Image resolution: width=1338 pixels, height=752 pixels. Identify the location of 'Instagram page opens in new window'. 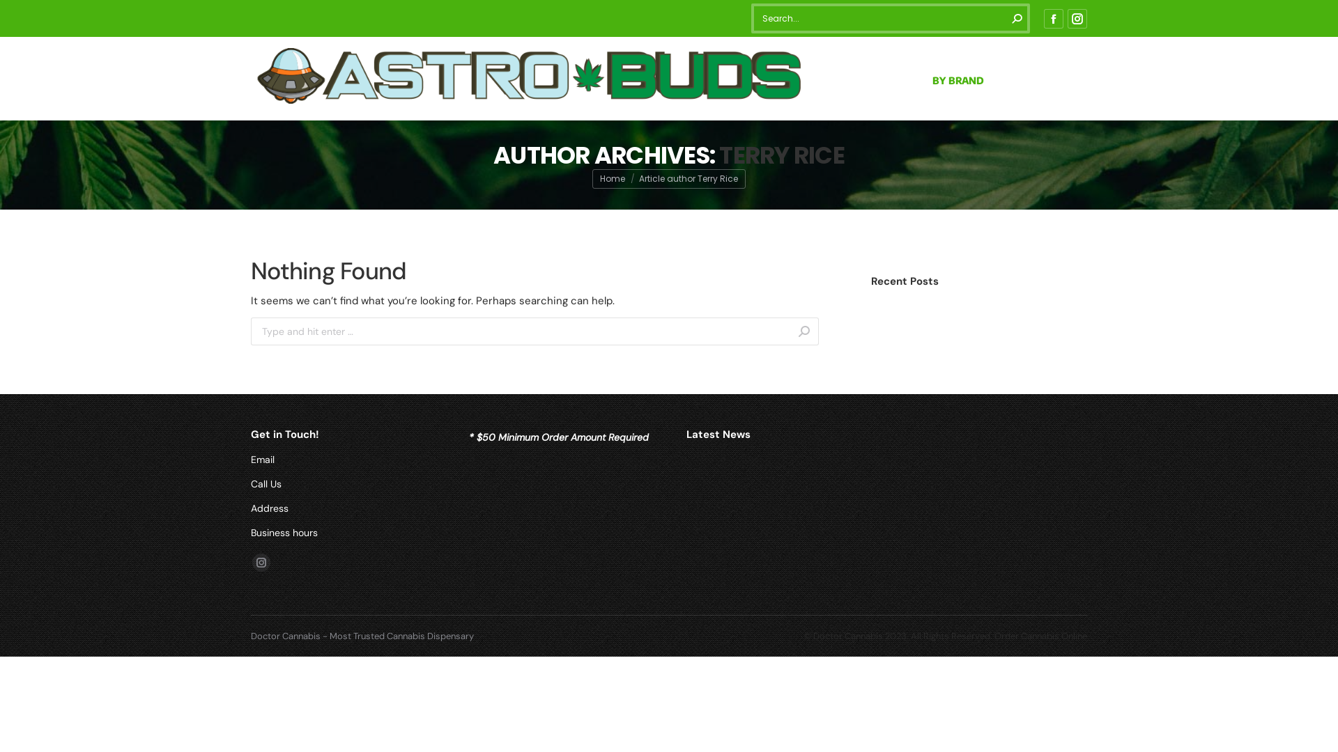
(1066, 18).